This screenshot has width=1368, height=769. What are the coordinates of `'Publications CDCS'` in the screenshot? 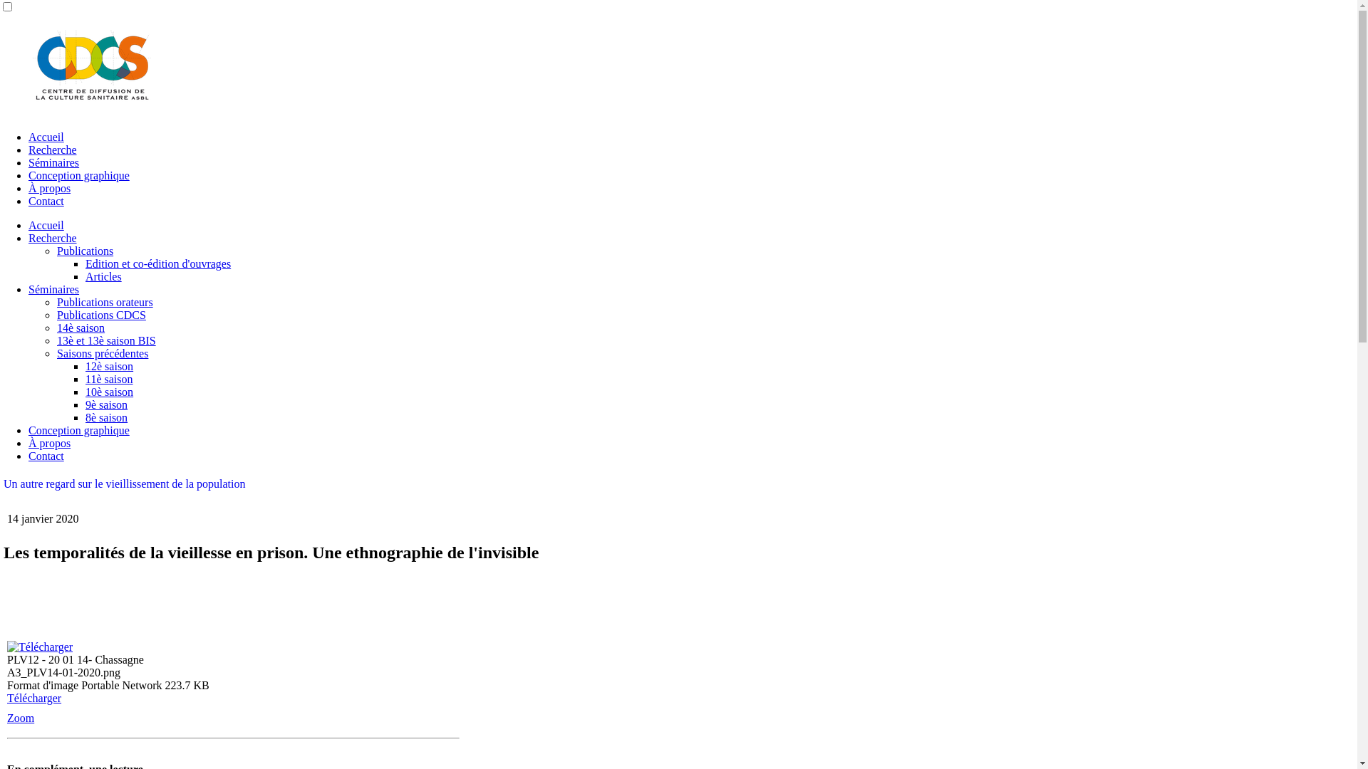 It's located at (100, 314).